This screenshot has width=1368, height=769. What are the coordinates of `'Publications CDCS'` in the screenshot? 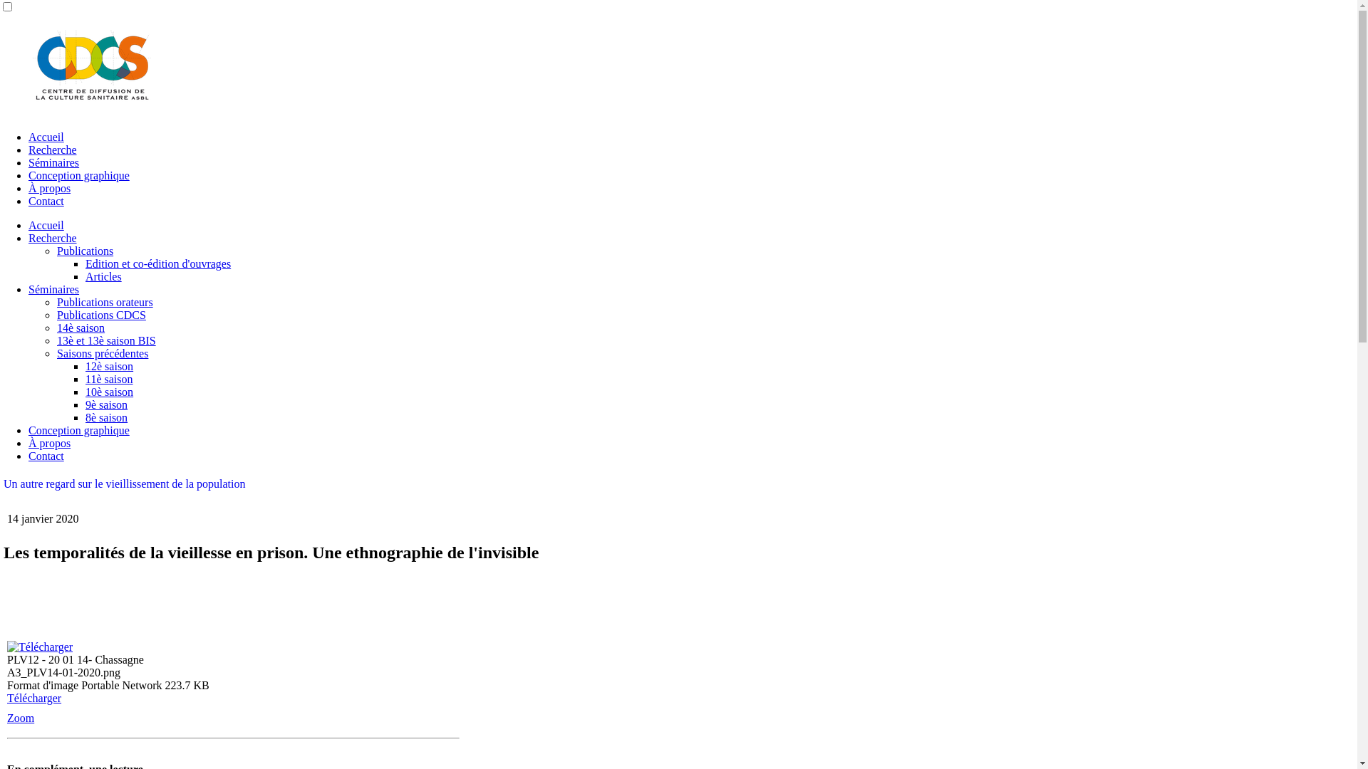 It's located at (100, 314).